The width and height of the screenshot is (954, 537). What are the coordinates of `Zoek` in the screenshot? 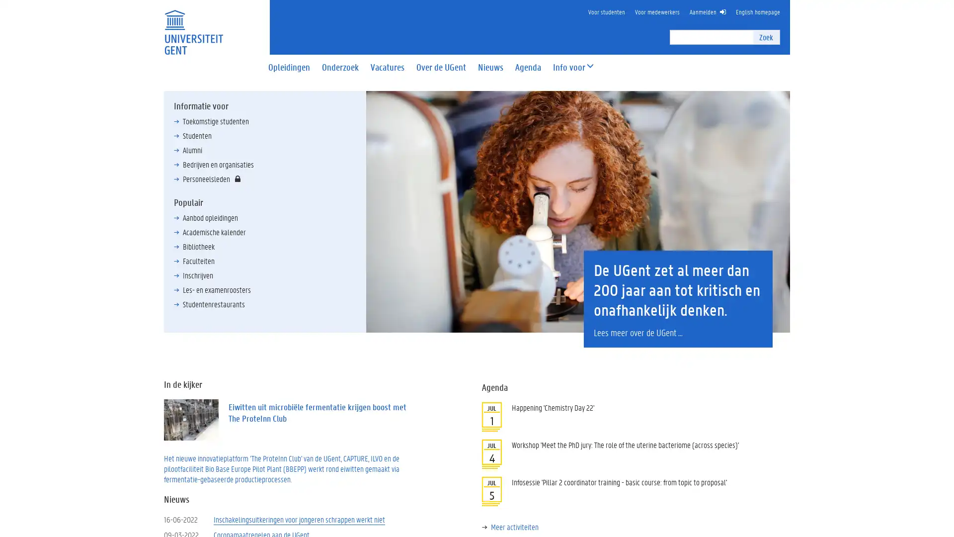 It's located at (765, 36).